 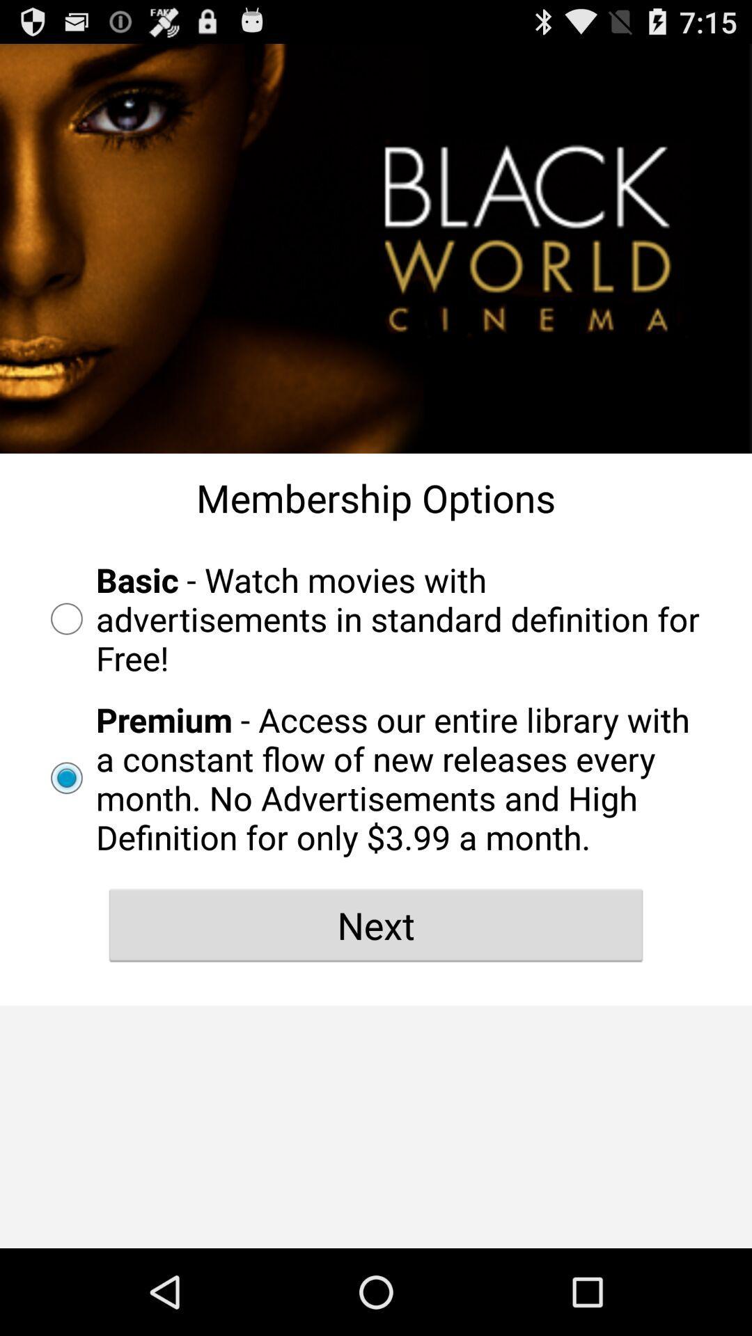 I want to click on the app below the membership options, so click(x=376, y=618).